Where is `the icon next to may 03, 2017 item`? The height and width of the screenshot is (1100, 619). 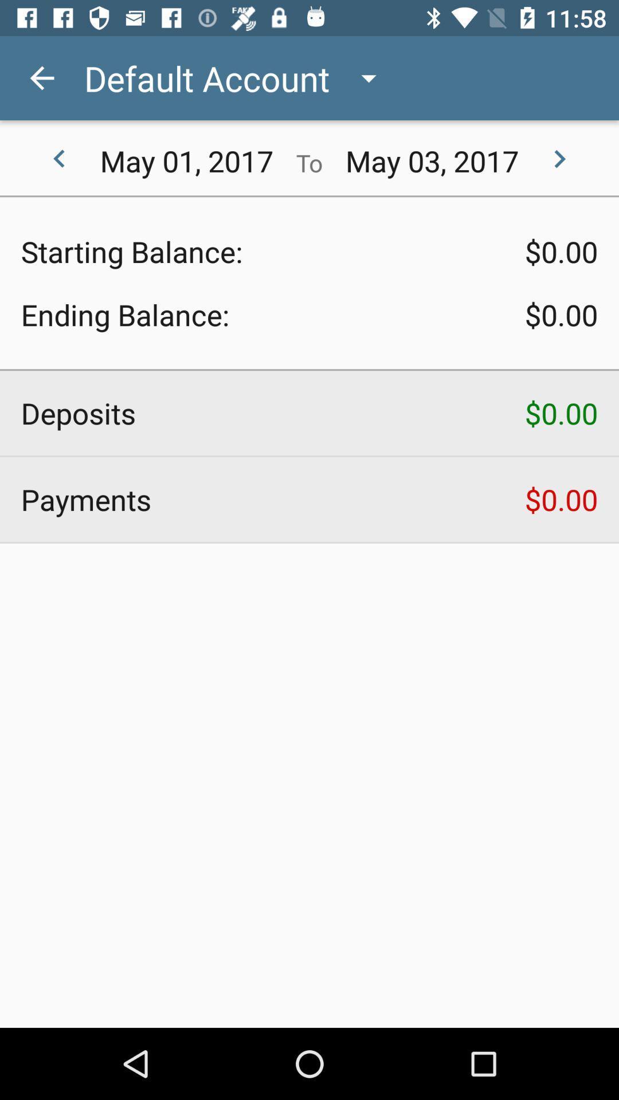
the icon next to may 03, 2017 item is located at coordinates (559, 159).